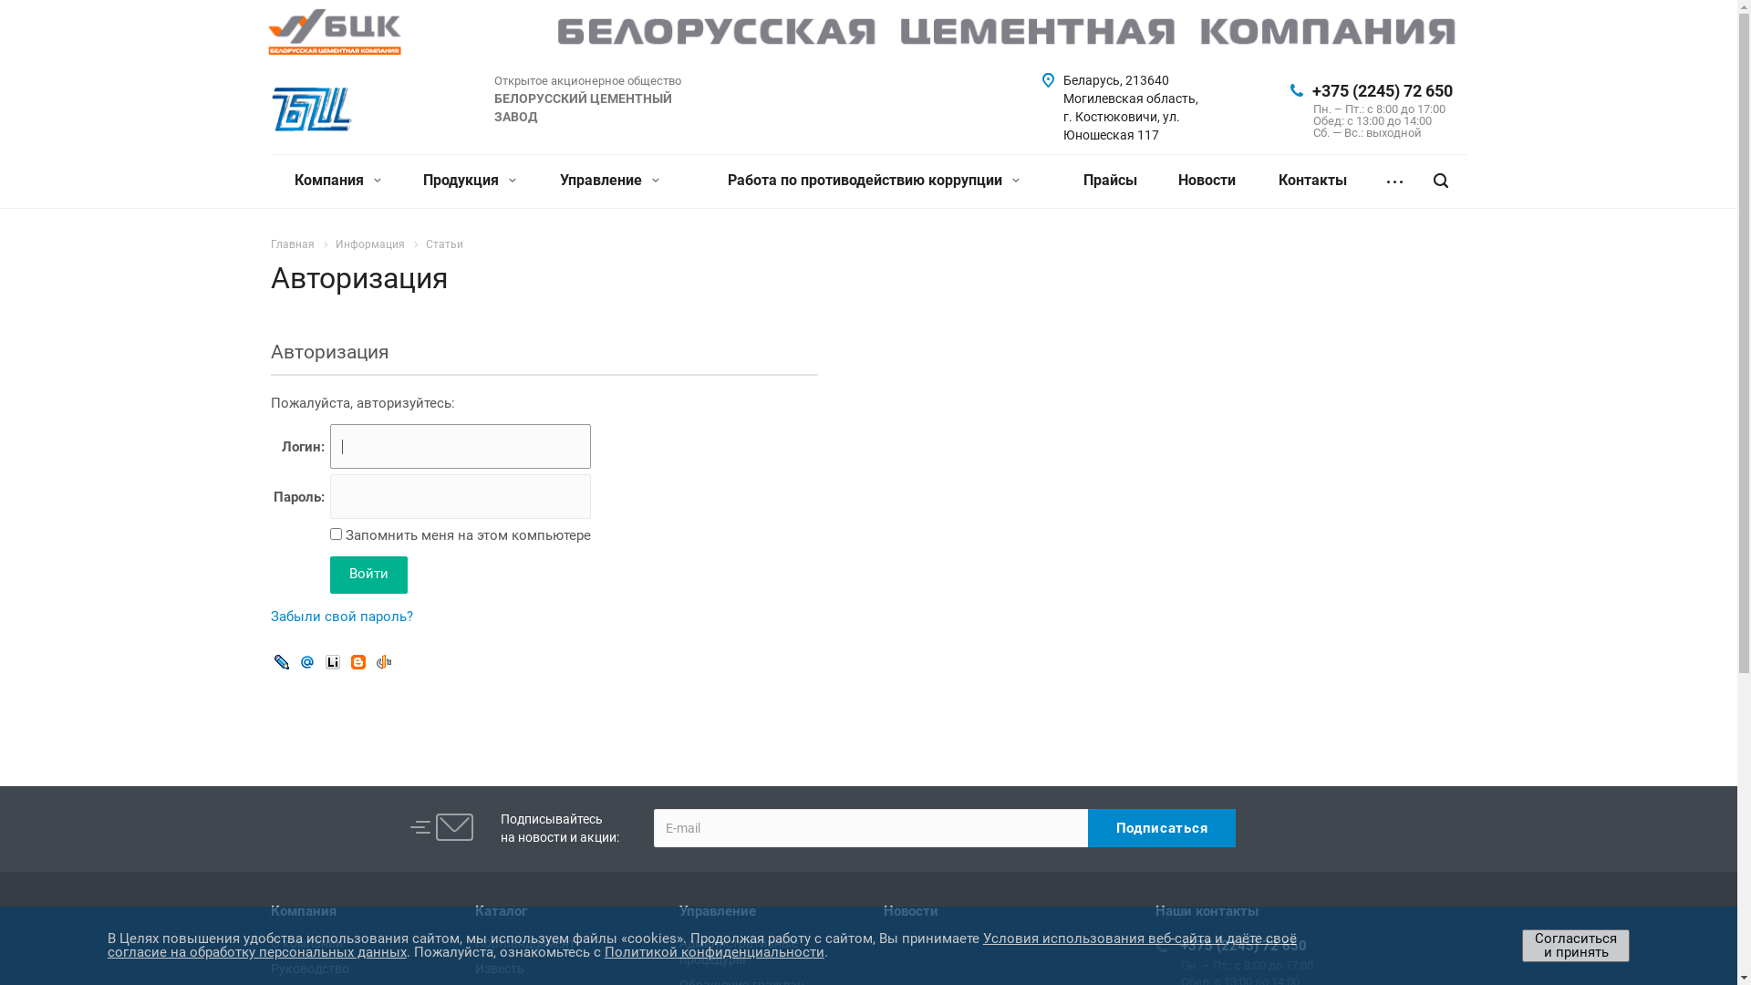 This screenshot has width=1751, height=985. Describe the element at coordinates (372, 661) in the screenshot. I see `'OpenID'` at that location.